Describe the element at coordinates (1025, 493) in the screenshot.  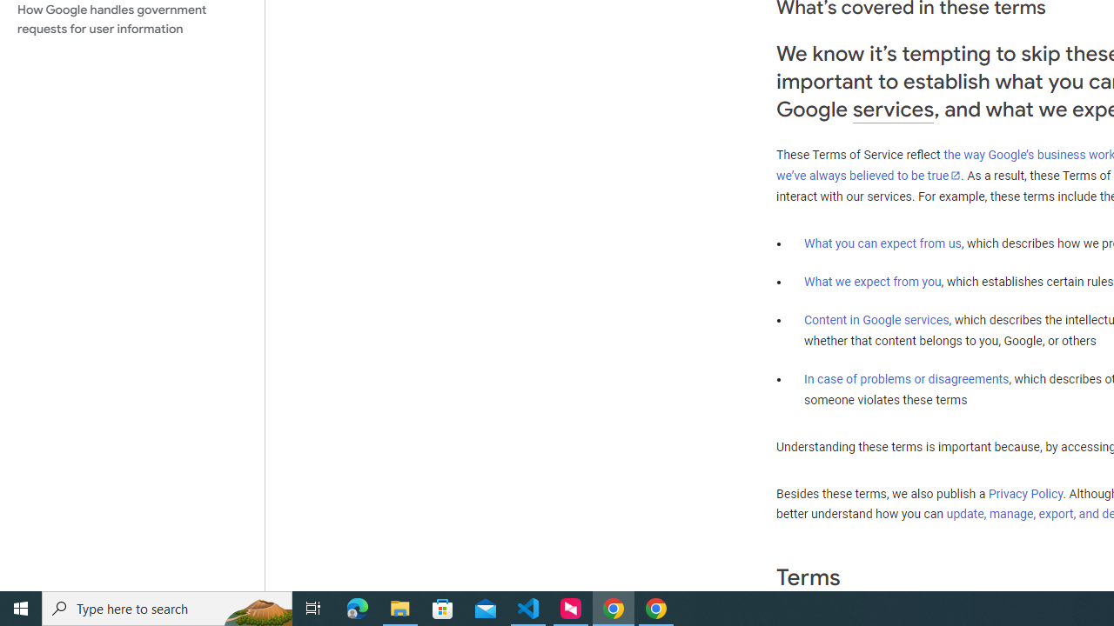
I see `'Privacy Policy'` at that location.